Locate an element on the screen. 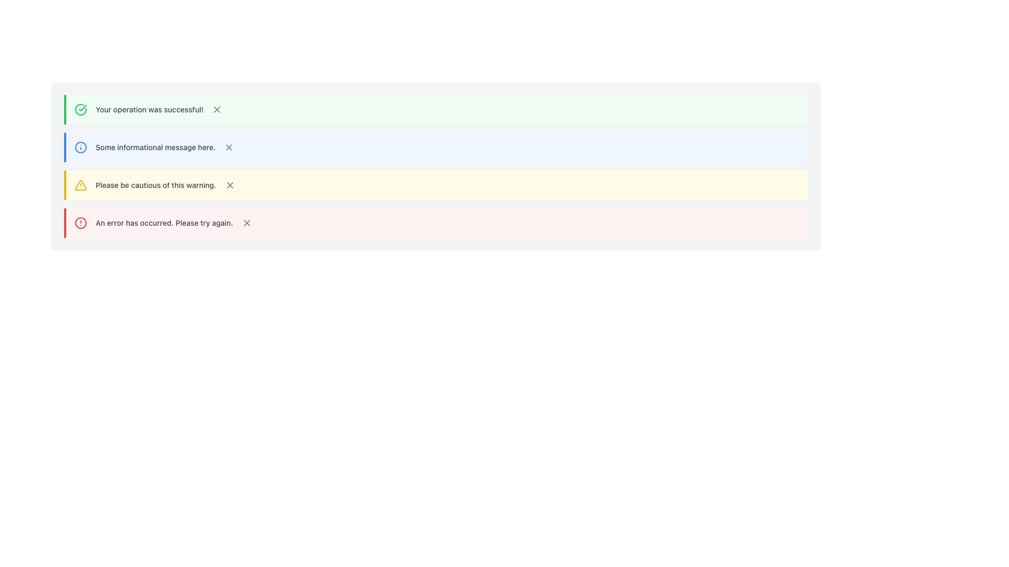  the label that displays 'Some informational message here.' which is styled in gray and medium boldness, located in the second row of a notification block with a blue left border is located at coordinates (155, 148).